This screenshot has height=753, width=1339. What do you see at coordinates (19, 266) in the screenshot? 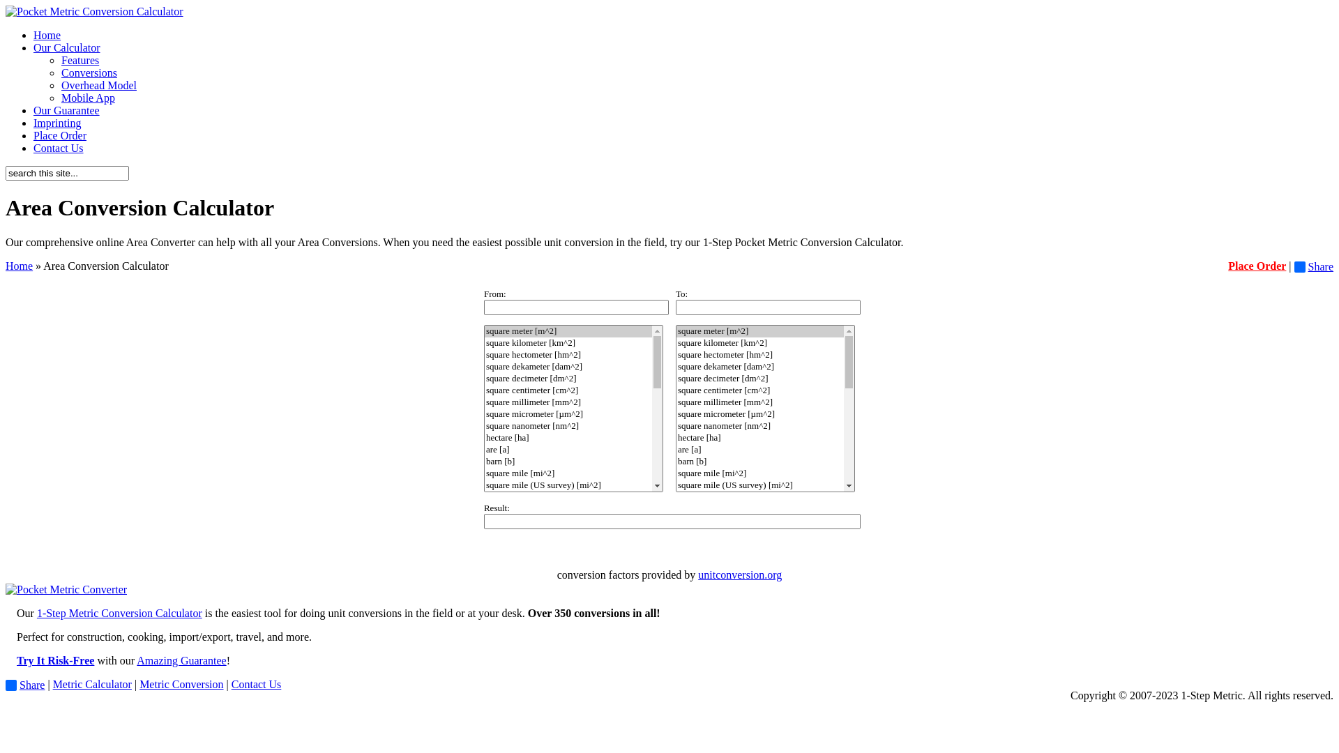
I see `'Home'` at bounding box center [19, 266].